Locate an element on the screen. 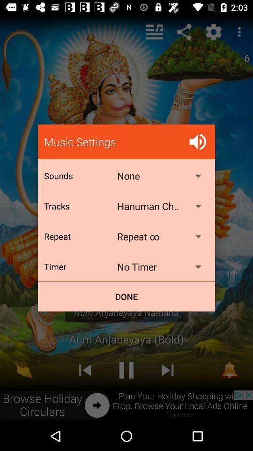 The image size is (253, 451). done icon is located at coordinates (126, 296).